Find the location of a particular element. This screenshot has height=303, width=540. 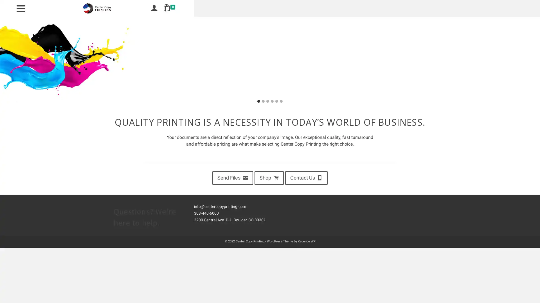

Go to slide 3 is located at coordinates (267, 137).